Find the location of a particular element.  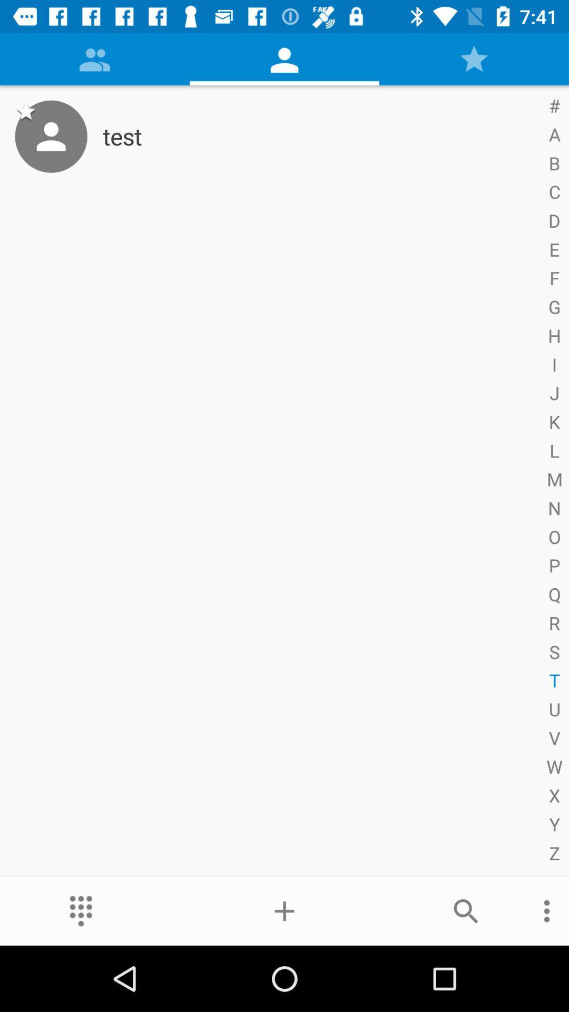

the more icon is located at coordinates (546, 910).